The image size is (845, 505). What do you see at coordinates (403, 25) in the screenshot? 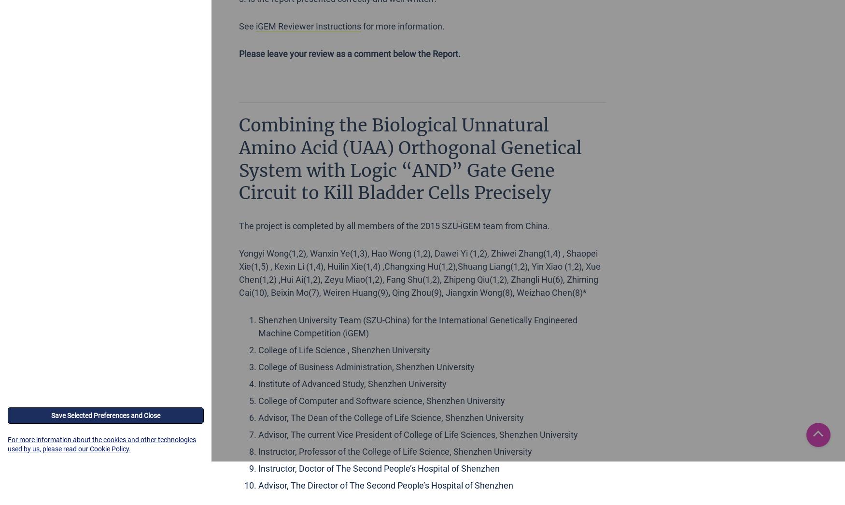
I see `'for more information.'` at bounding box center [403, 25].